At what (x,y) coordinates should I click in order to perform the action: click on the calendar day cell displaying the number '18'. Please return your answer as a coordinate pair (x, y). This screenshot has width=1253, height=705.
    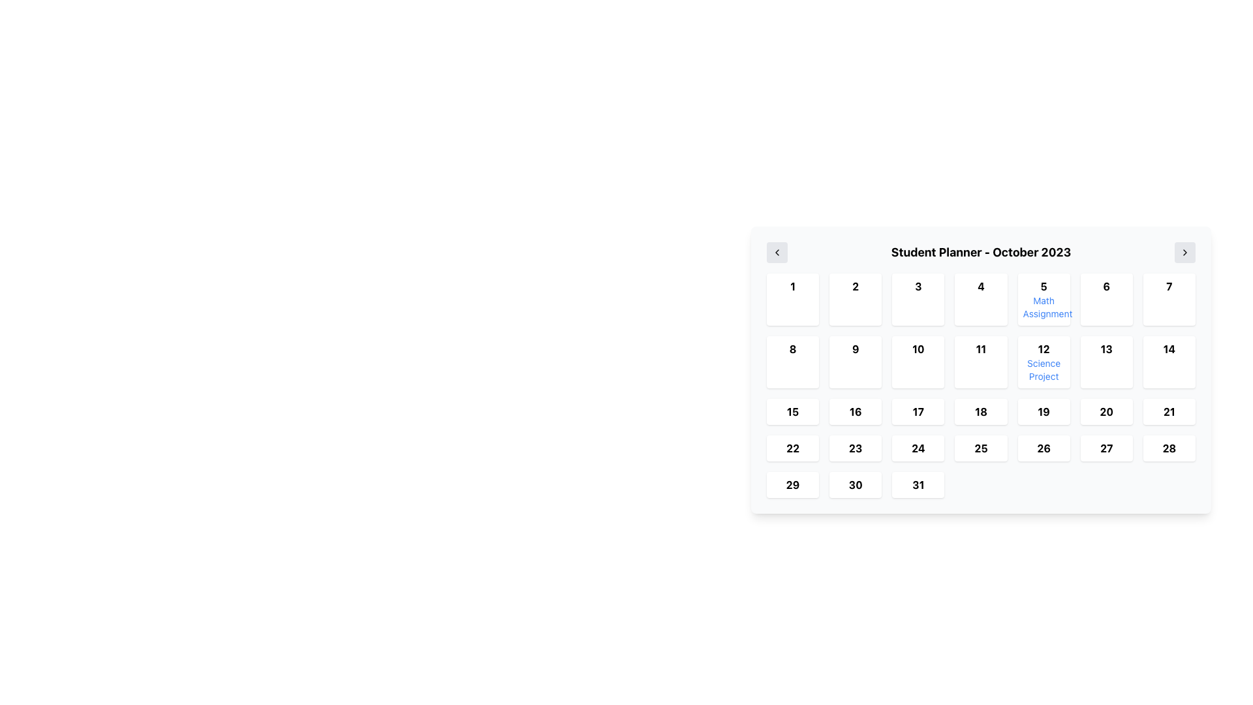
    Looking at the image, I should click on (981, 412).